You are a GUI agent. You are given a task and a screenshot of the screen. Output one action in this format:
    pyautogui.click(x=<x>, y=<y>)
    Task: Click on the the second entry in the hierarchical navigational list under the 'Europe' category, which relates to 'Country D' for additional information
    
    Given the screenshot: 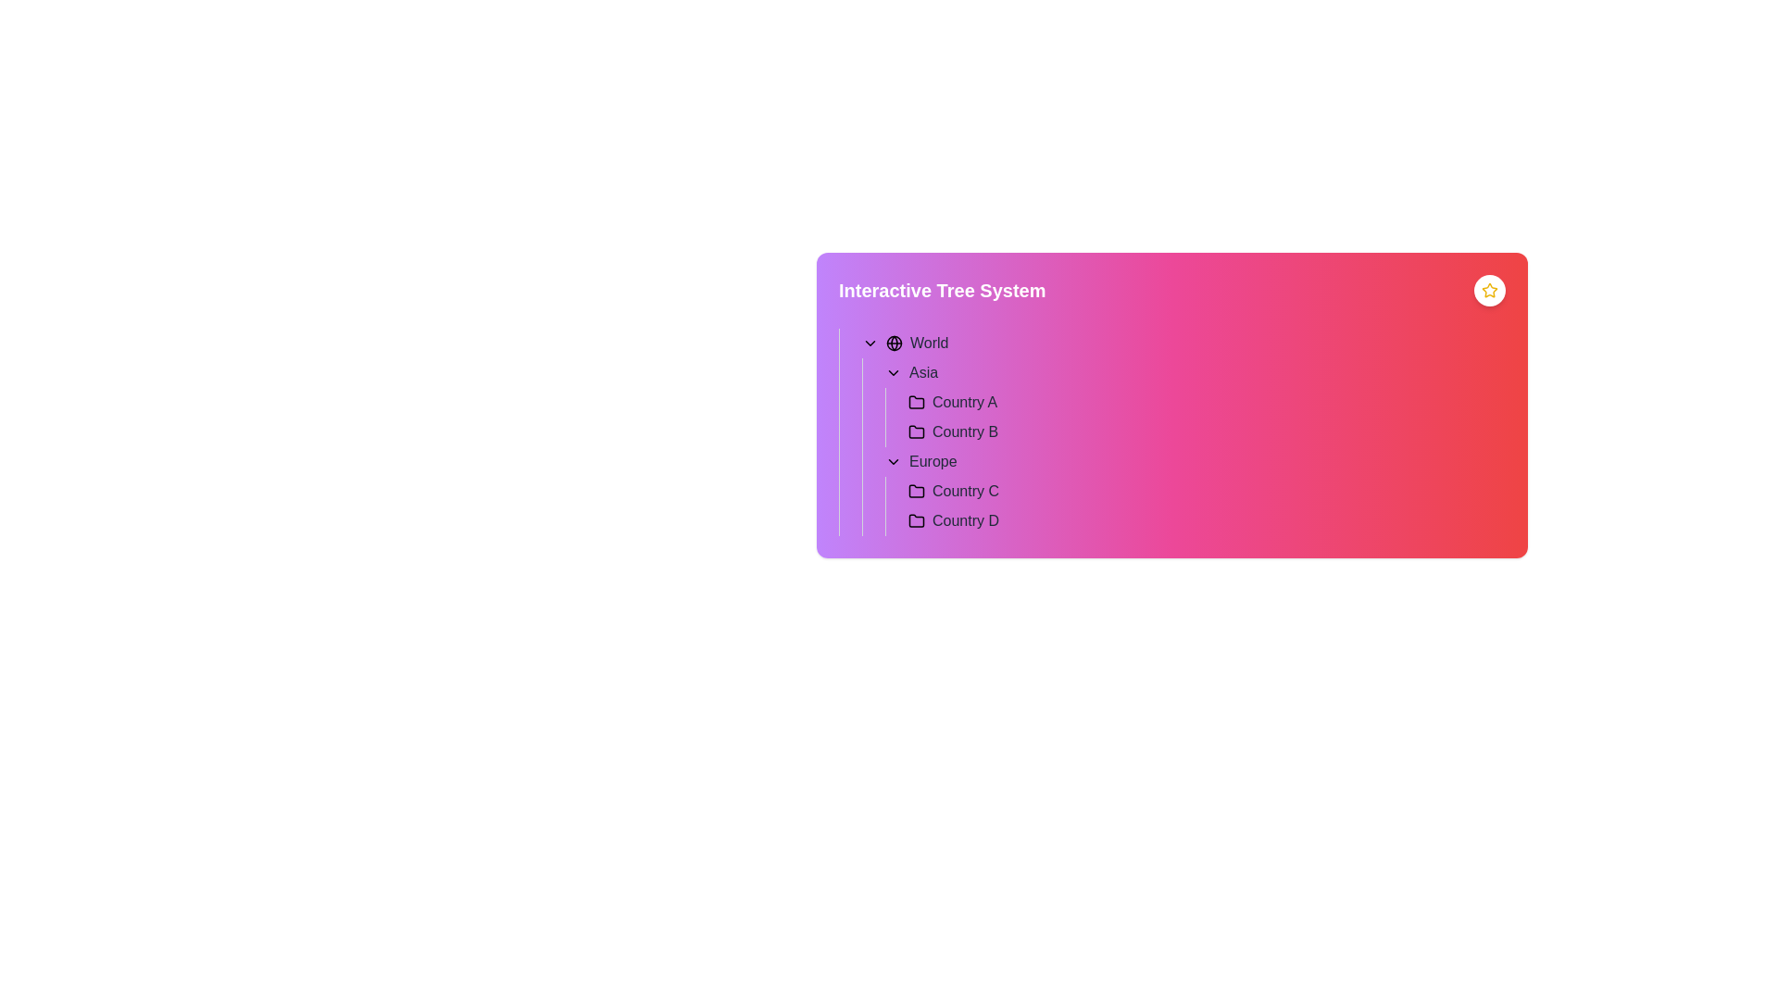 What is the action you would take?
    pyautogui.click(x=1196, y=521)
    